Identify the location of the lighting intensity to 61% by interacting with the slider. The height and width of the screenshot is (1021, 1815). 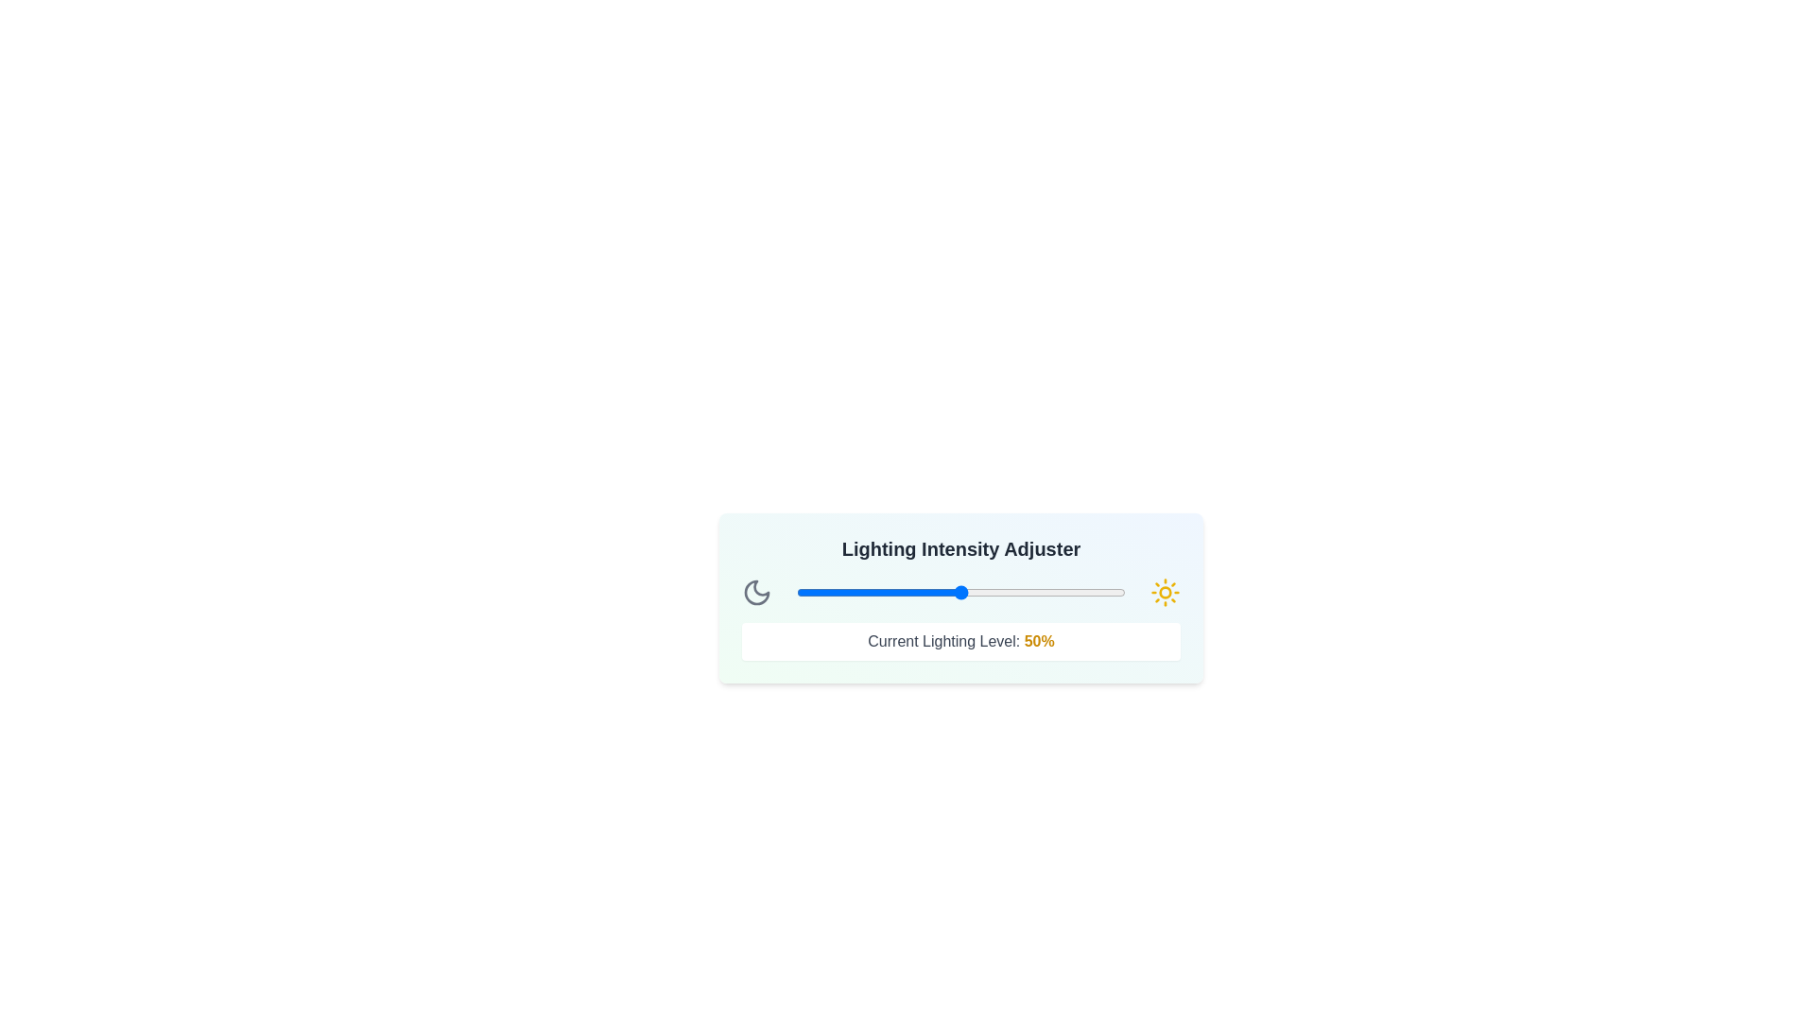
(996, 592).